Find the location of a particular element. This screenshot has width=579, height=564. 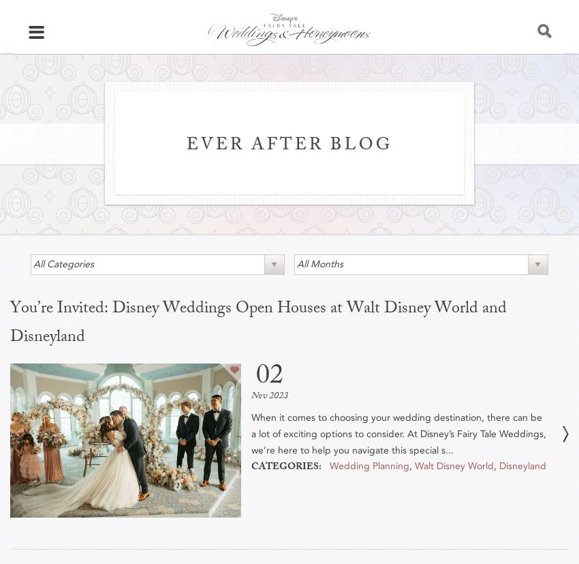

'You’re Invited: Disney Weddings Open Houses at Walt Disney World and Disneyland' is located at coordinates (9, 323).